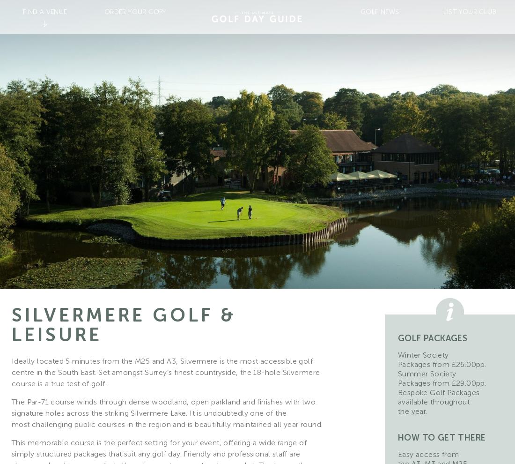 This screenshot has height=464, width=515. I want to click on 'Bespoke Golf Packages', so click(438, 392).